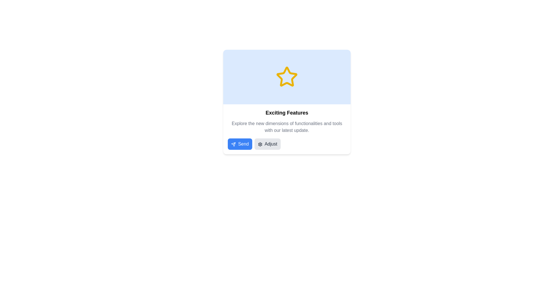 This screenshot has height=307, width=546. I want to click on the settings icon, which is a cog or gear graphic located at the top-right corner of the card-like layout, so click(260, 144).